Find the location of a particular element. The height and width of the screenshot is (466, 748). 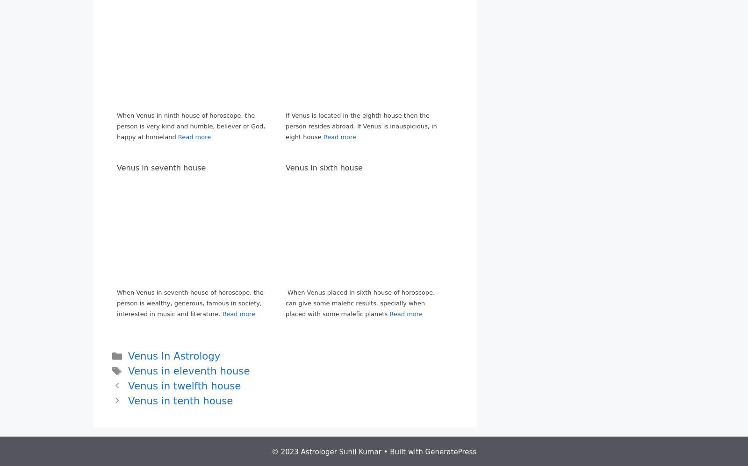

'If Venus is located in the eighth house then the person resides abroad. If Venus is inauspicious, in eight house' is located at coordinates (361, 125).